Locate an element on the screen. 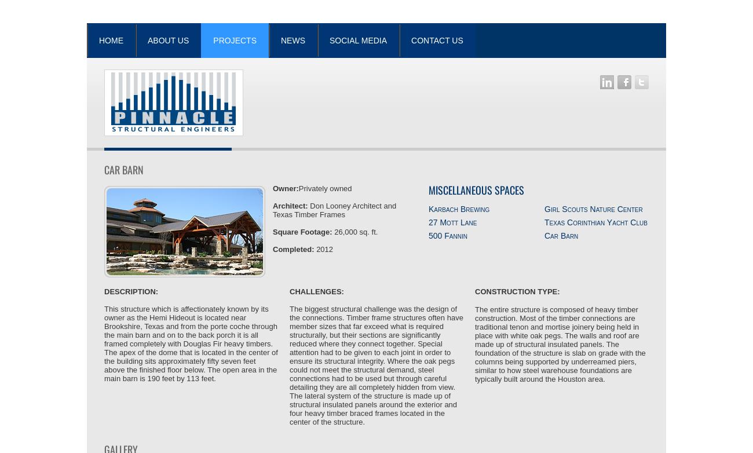 The width and height of the screenshot is (753, 453). 'Owner:' is located at coordinates (285, 188).